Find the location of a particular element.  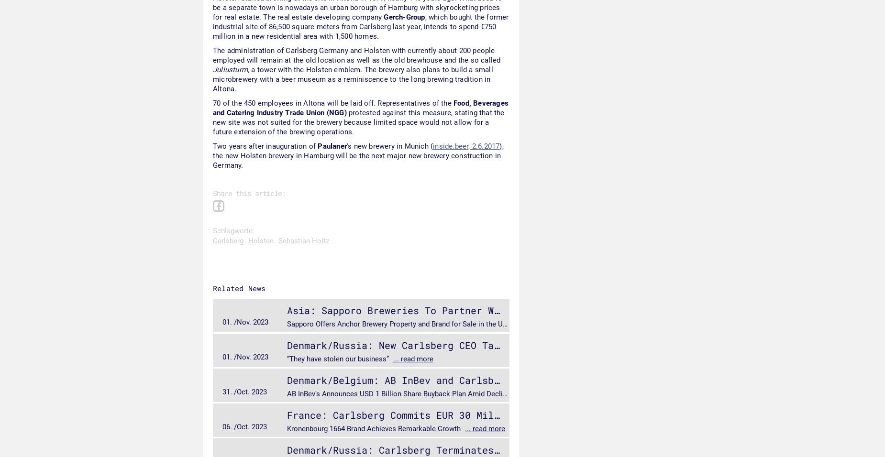

'Paulaner' is located at coordinates (332, 145).